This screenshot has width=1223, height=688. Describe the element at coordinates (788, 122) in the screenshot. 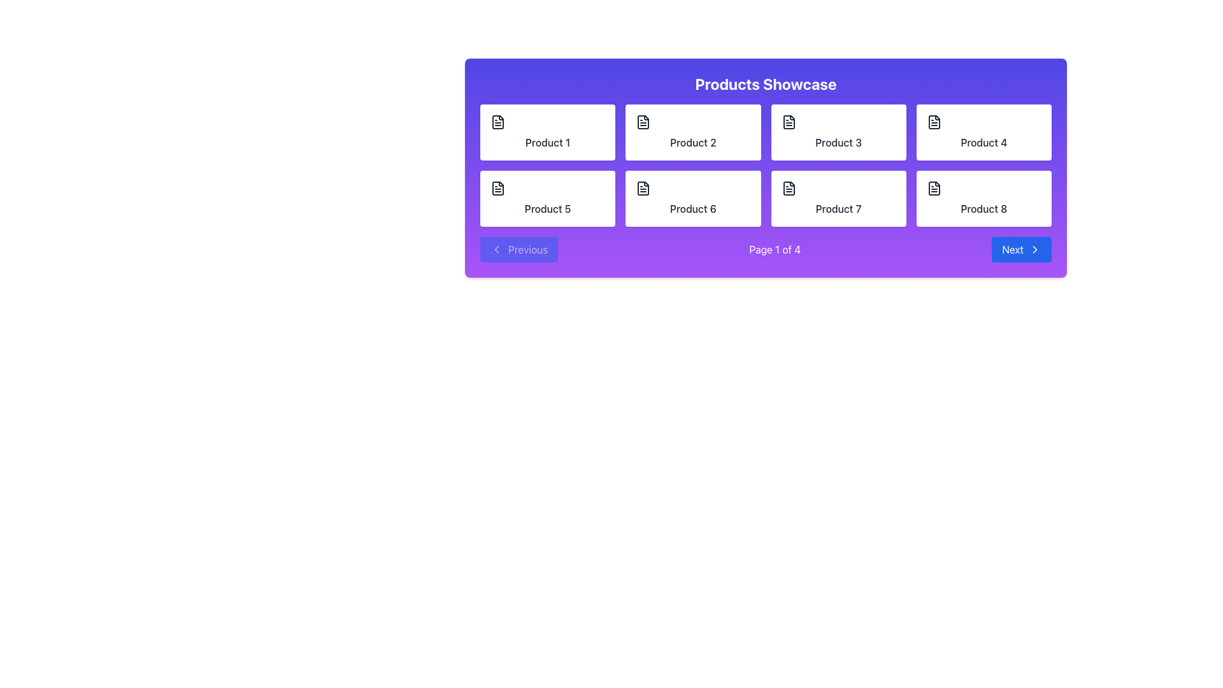

I see `properties of the SVG-based icon resembling a paper document located within the card labeled 'Product 3'` at that location.